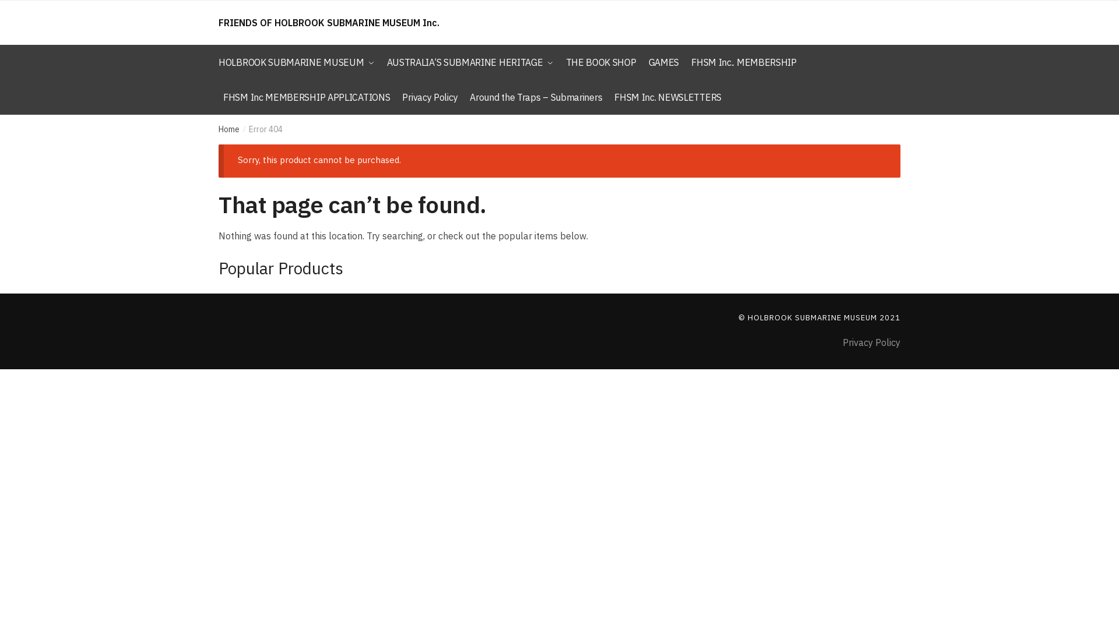 This screenshot has height=629, width=1119. I want to click on 'THE BOOK SHOP', so click(600, 62).